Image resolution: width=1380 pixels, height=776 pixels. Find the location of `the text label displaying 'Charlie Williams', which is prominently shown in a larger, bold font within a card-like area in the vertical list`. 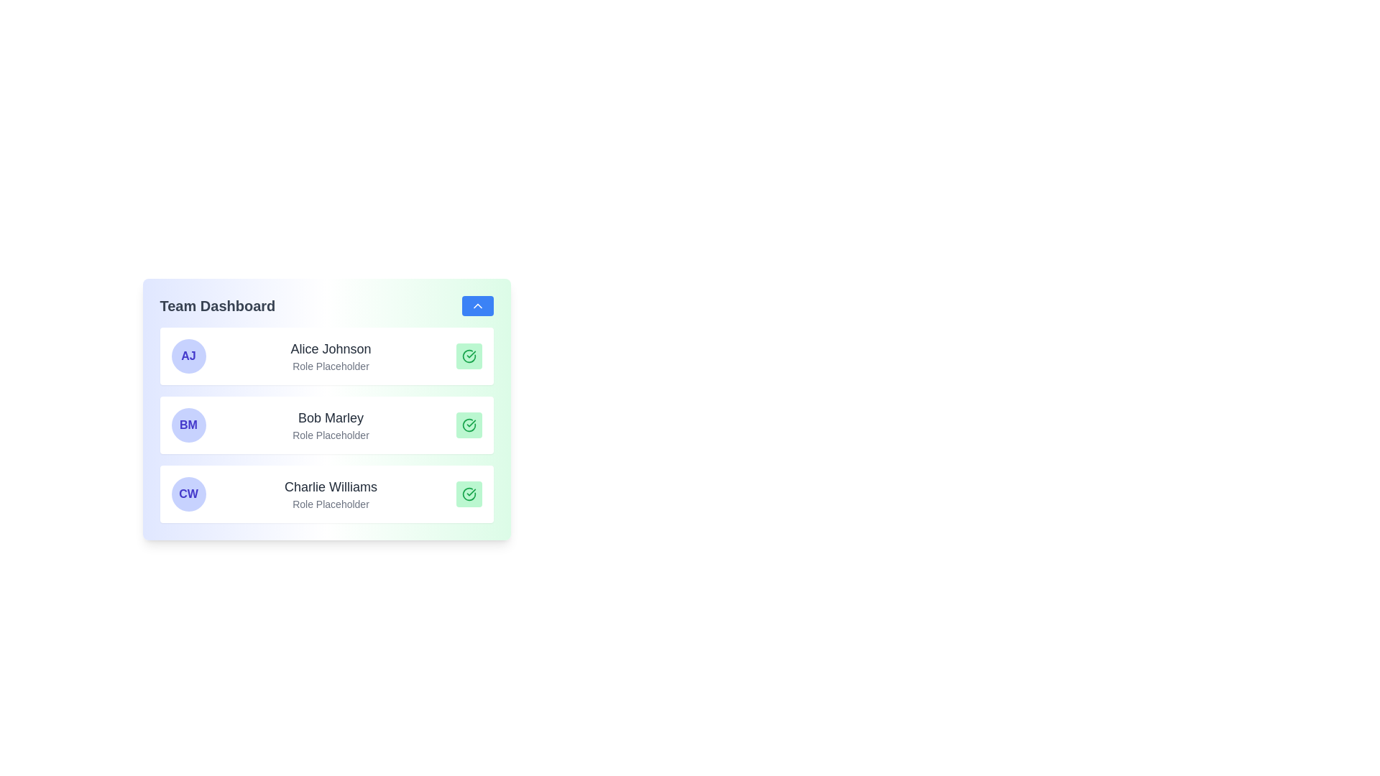

the text label displaying 'Charlie Williams', which is prominently shown in a larger, bold font within a card-like area in the vertical list is located at coordinates (330, 486).